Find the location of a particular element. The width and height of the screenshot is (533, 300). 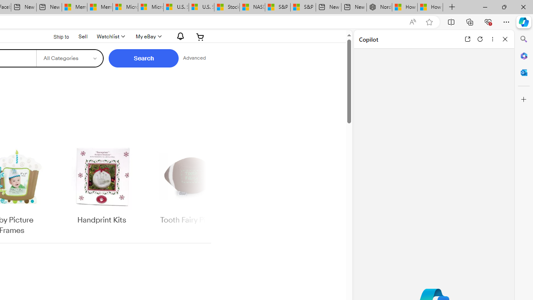

'Sell' is located at coordinates (83, 36).